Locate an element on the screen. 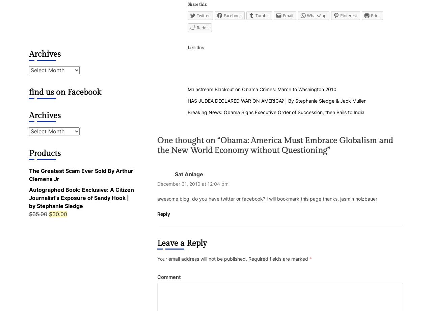 Image resolution: width=432 pixels, height=311 pixels. 'One thought on “' is located at coordinates (157, 140).